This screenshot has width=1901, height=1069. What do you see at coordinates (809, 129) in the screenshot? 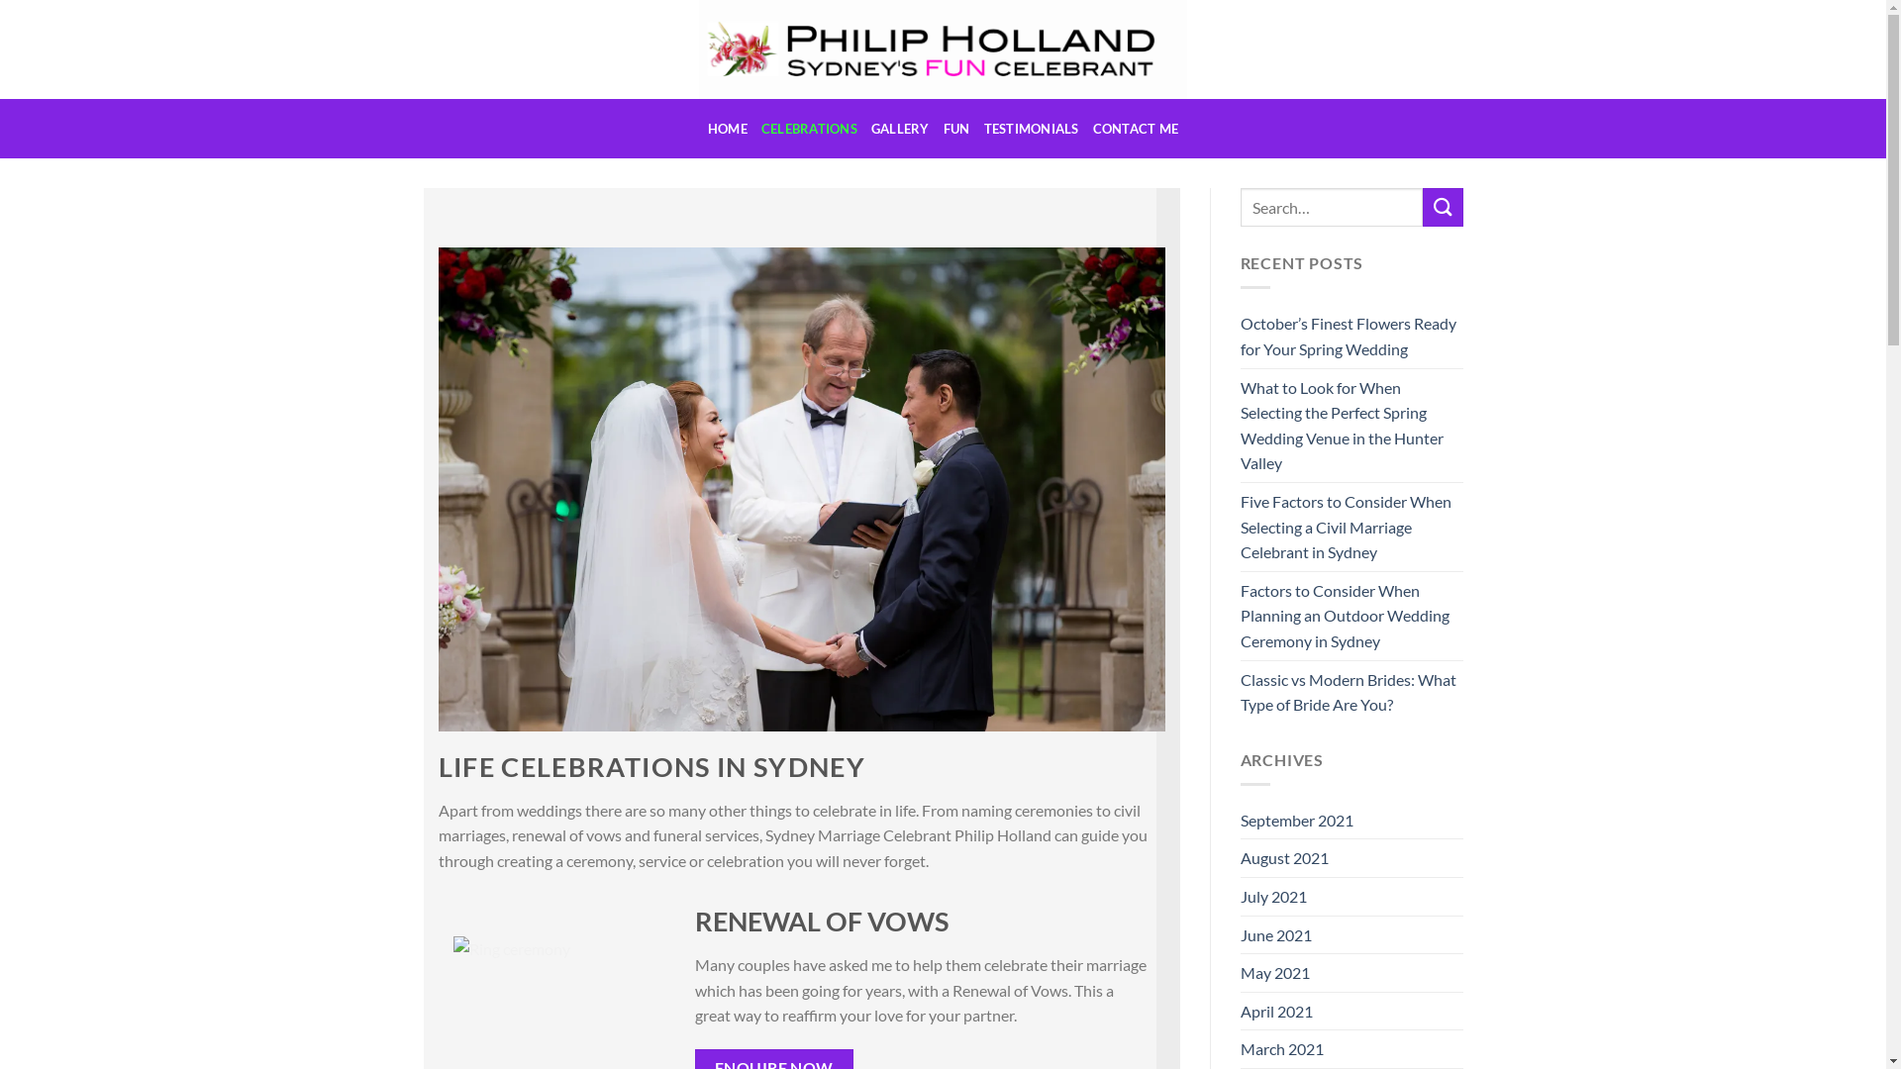
I see `'CELEBRATIONS'` at bounding box center [809, 129].